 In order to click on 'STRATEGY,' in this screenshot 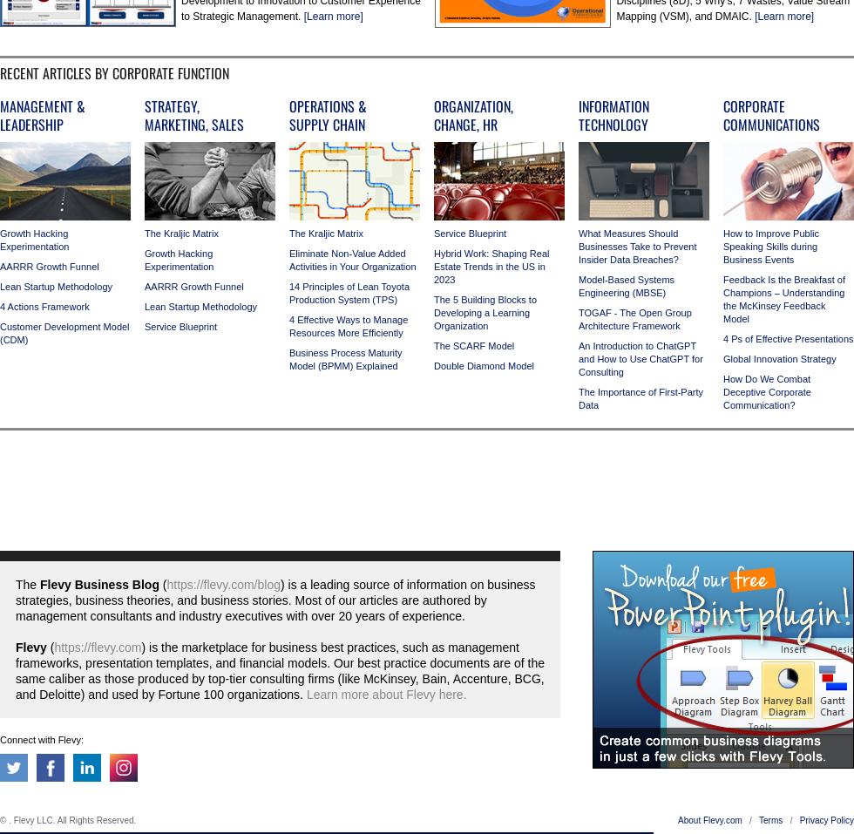, I will do `click(172, 106)`.